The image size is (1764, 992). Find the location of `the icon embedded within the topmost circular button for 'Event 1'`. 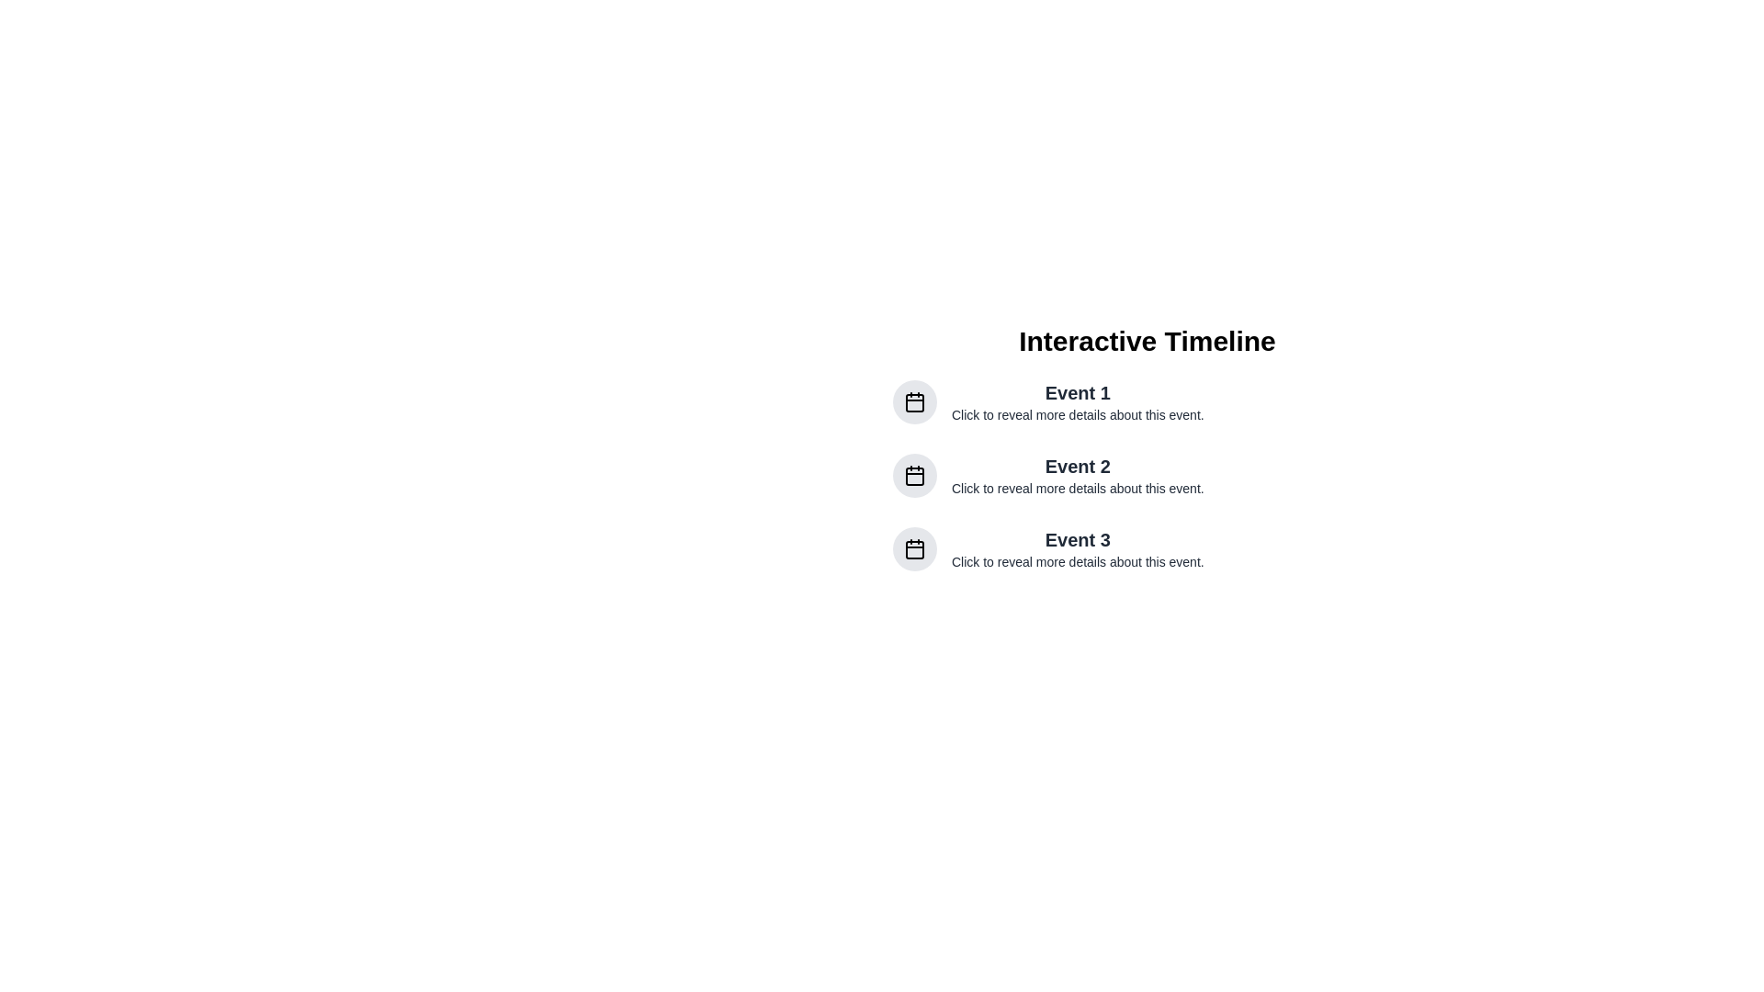

the icon embedded within the topmost circular button for 'Event 1' is located at coordinates (915, 401).